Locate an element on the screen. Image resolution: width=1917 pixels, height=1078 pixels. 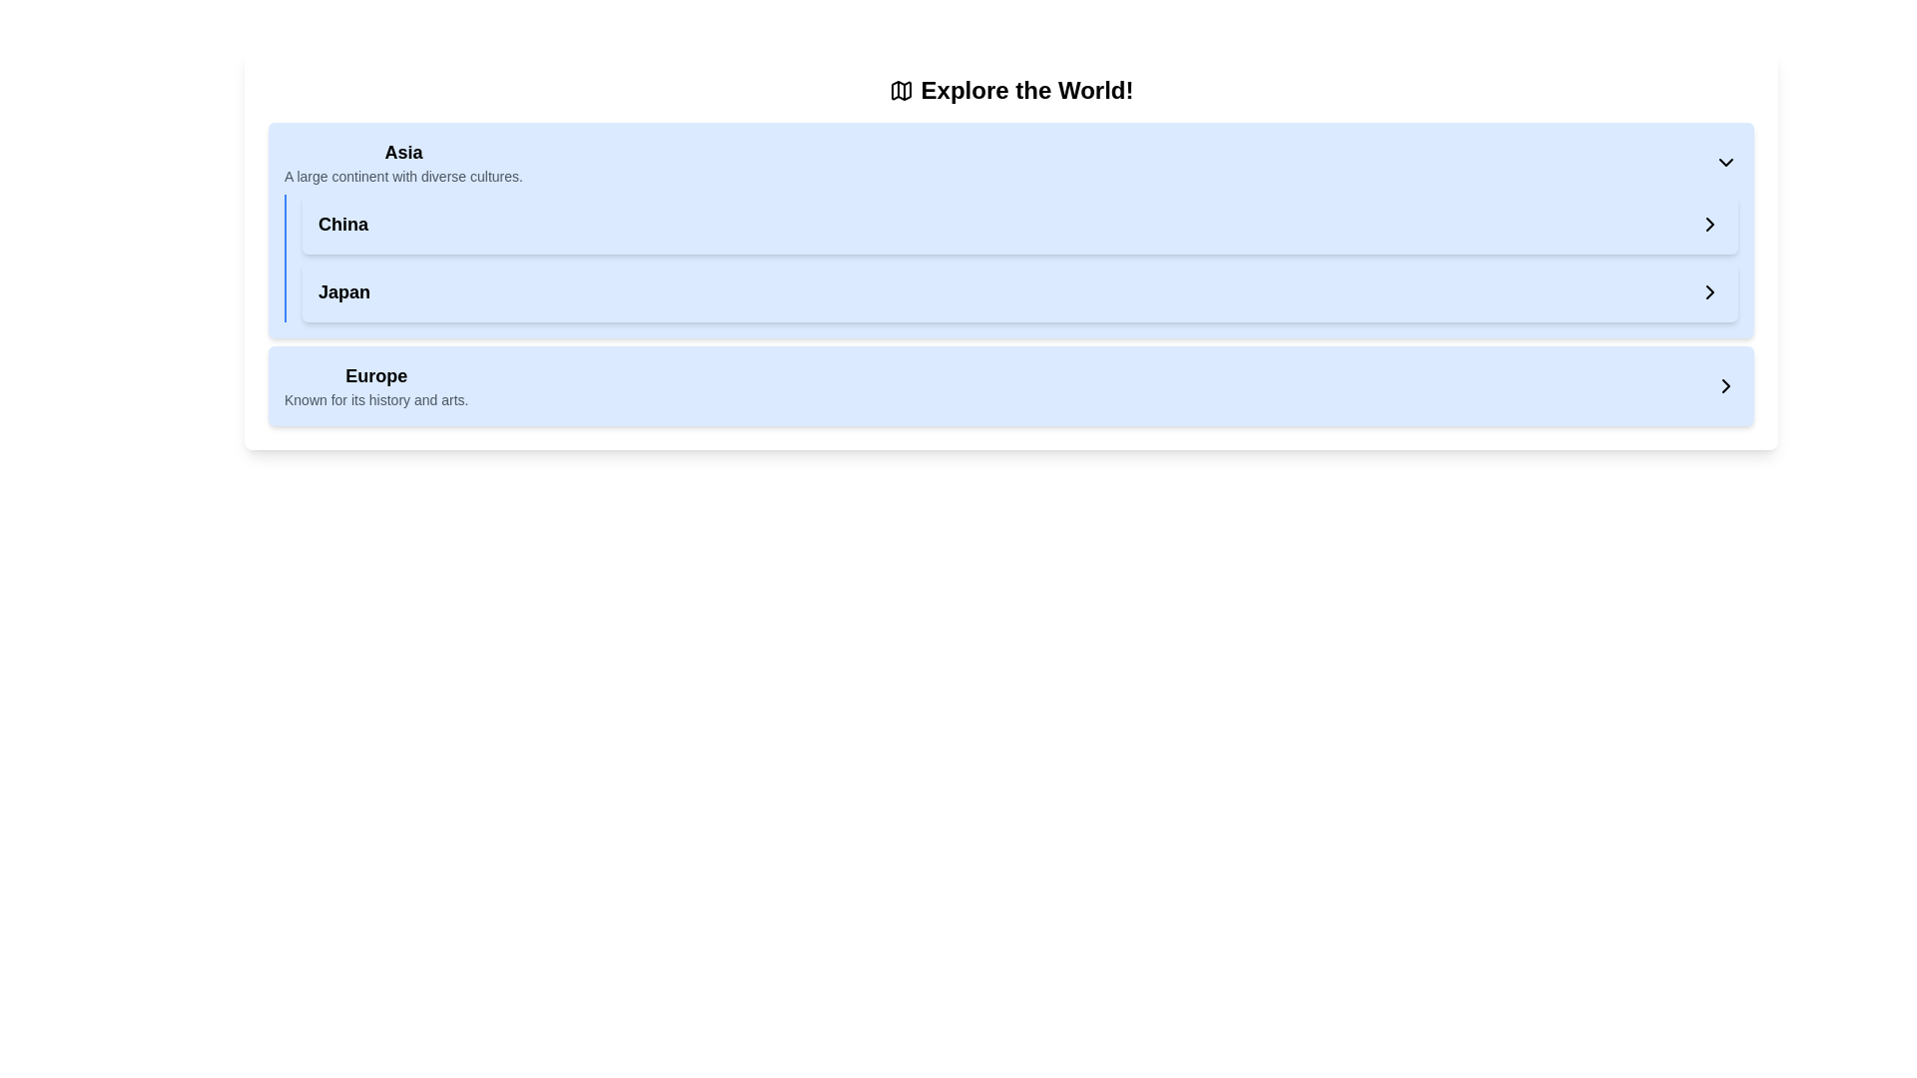
the chevron arrow icon next to the 'China' label is located at coordinates (1709, 224).